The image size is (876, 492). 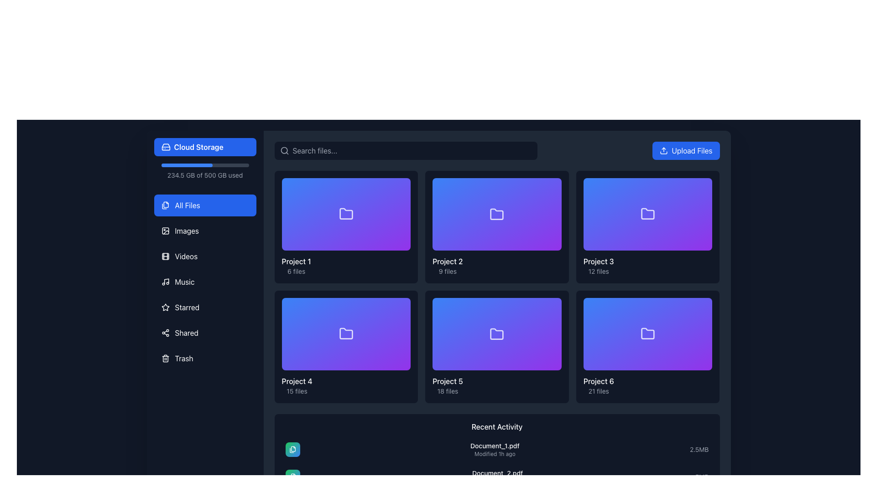 What do you see at coordinates (401, 187) in the screenshot?
I see `the context menu trigger button located at the top-right corner of the 'Project 1' folder box` at bounding box center [401, 187].